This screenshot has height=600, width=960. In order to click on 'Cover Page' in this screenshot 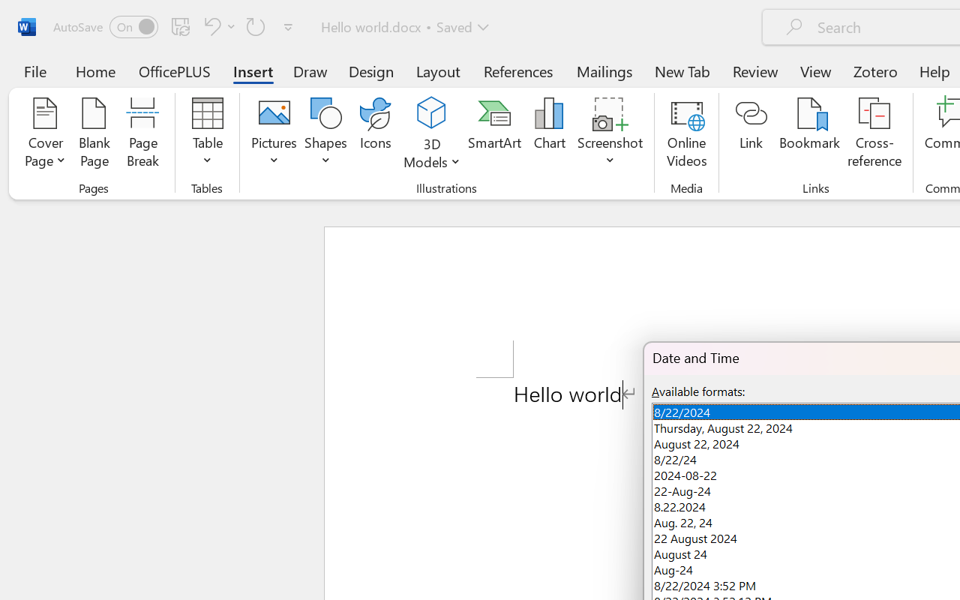, I will do `click(45, 134)`.